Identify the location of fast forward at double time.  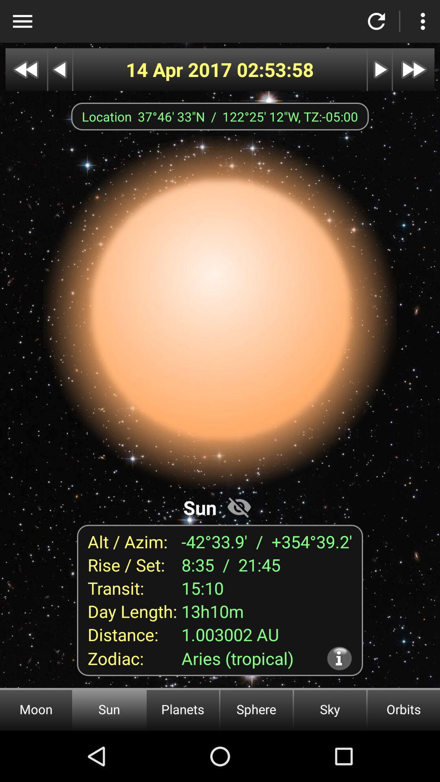
(414, 70).